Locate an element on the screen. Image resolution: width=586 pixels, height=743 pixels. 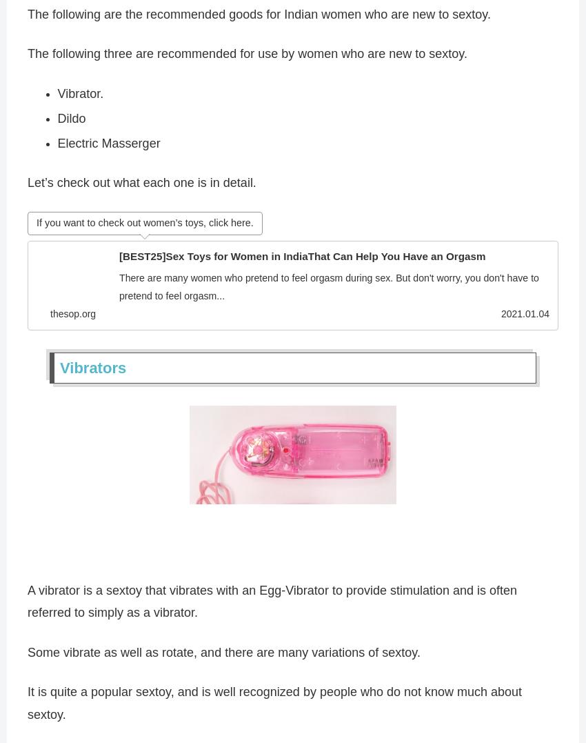
'2021.01.04' is located at coordinates (525, 317).